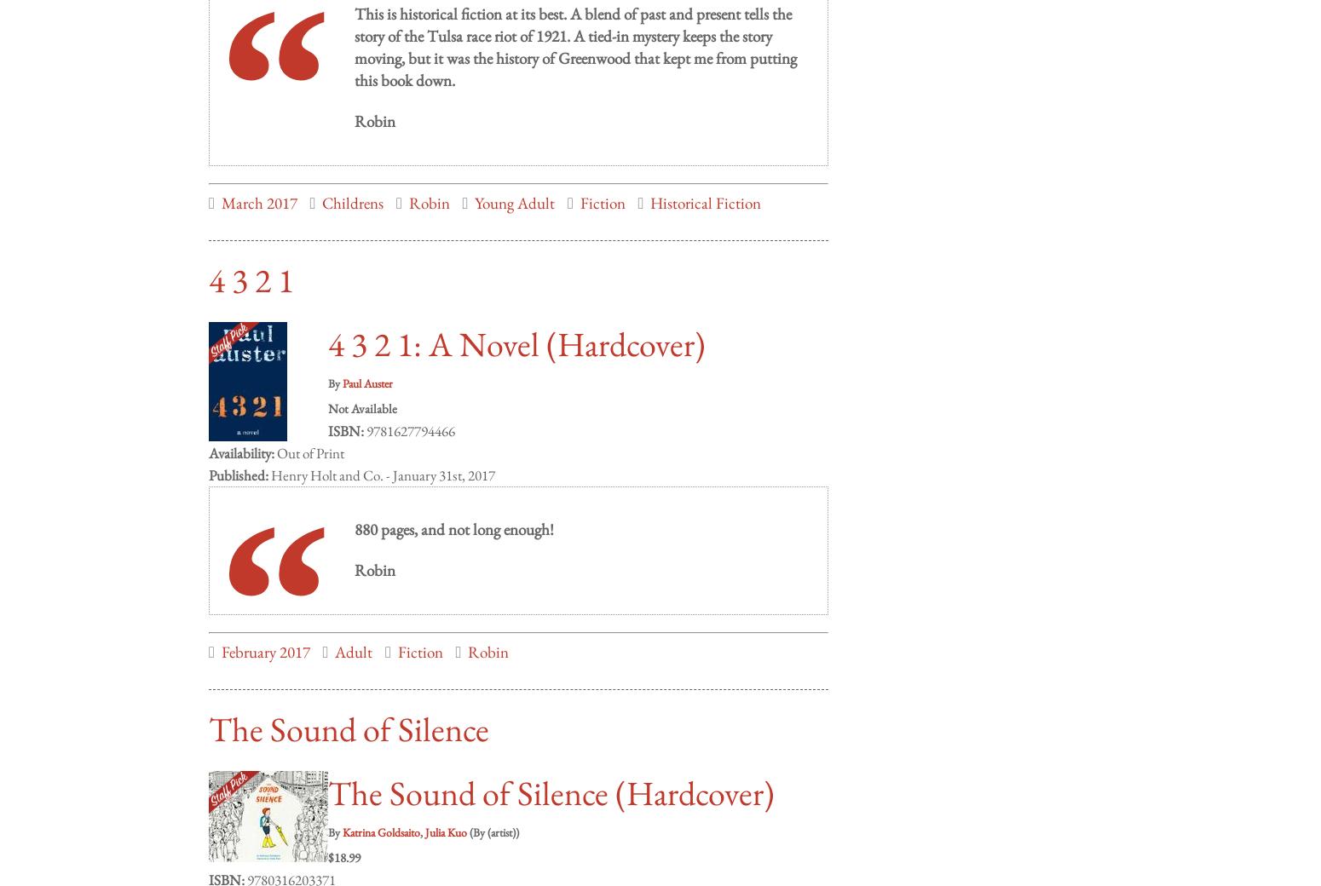 Image resolution: width=1321 pixels, height=886 pixels. What do you see at coordinates (453, 511) in the screenshot?
I see `'880 pages, and not long enough!'` at bounding box center [453, 511].